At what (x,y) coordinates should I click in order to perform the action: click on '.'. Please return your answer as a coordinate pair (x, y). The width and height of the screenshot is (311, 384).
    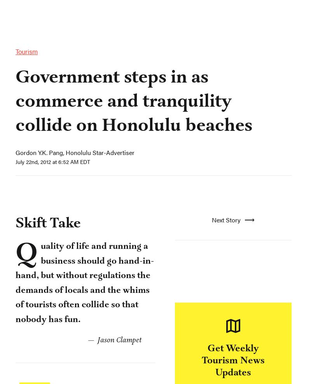
    Looking at the image, I should click on (66, 116).